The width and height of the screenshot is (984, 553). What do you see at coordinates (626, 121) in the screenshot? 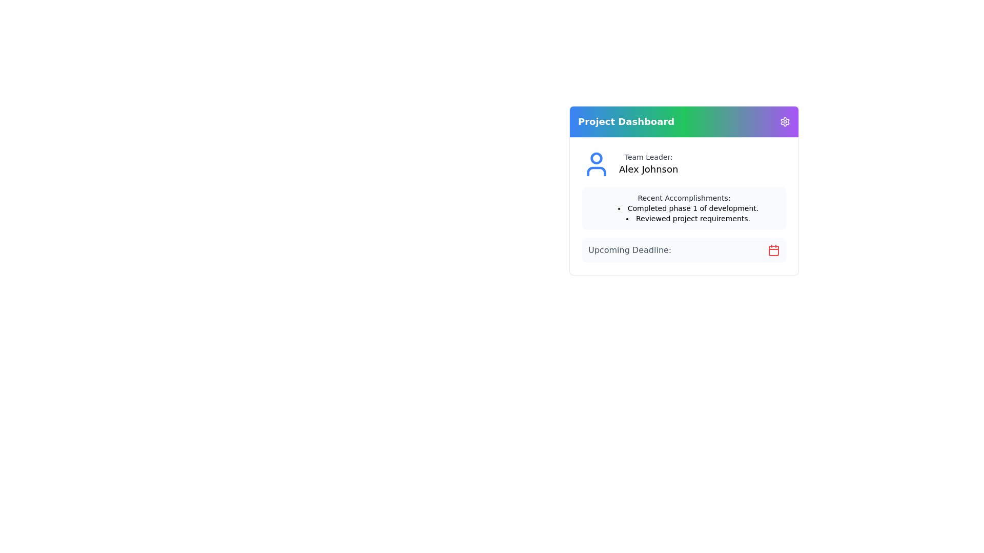
I see `the text label displaying 'Project Dashboard'` at bounding box center [626, 121].